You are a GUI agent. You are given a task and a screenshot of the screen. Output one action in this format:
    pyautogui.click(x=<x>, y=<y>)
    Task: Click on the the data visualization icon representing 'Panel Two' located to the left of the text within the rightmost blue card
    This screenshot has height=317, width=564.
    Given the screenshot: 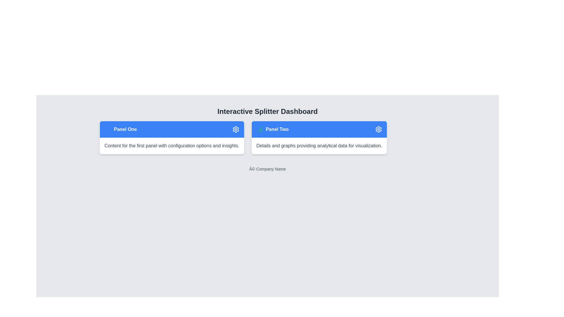 What is the action you would take?
    pyautogui.click(x=259, y=129)
    